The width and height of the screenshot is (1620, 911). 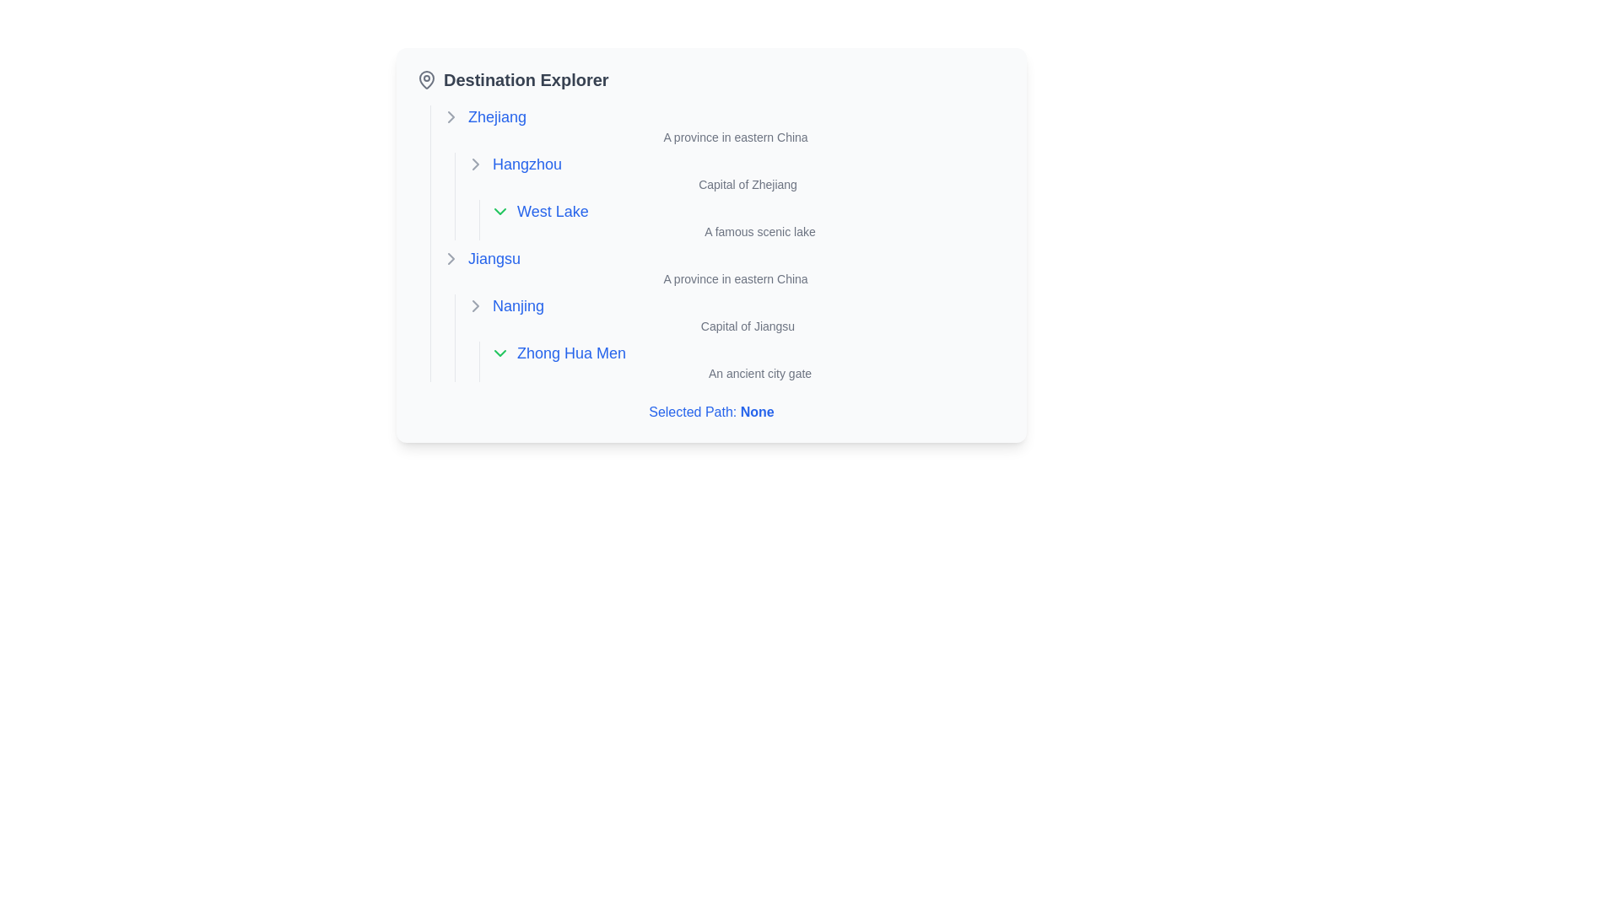 What do you see at coordinates (525, 80) in the screenshot?
I see `the 'Destination Explorer' text header` at bounding box center [525, 80].